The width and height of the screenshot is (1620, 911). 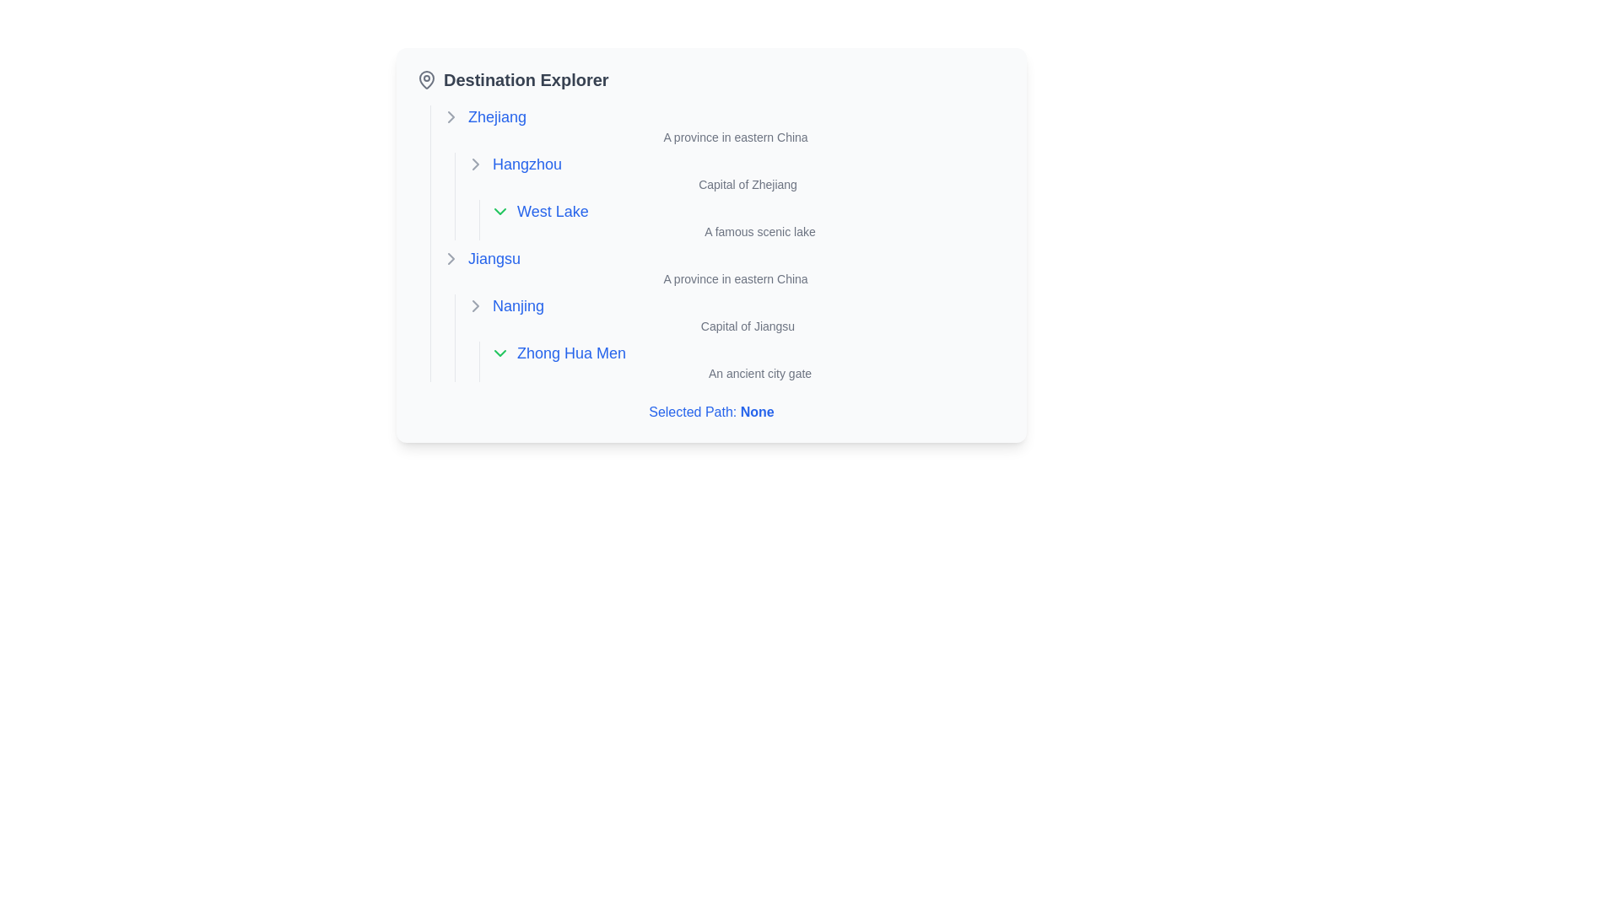 What do you see at coordinates (525, 80) in the screenshot?
I see `the 'Destination Explorer' text header` at bounding box center [525, 80].